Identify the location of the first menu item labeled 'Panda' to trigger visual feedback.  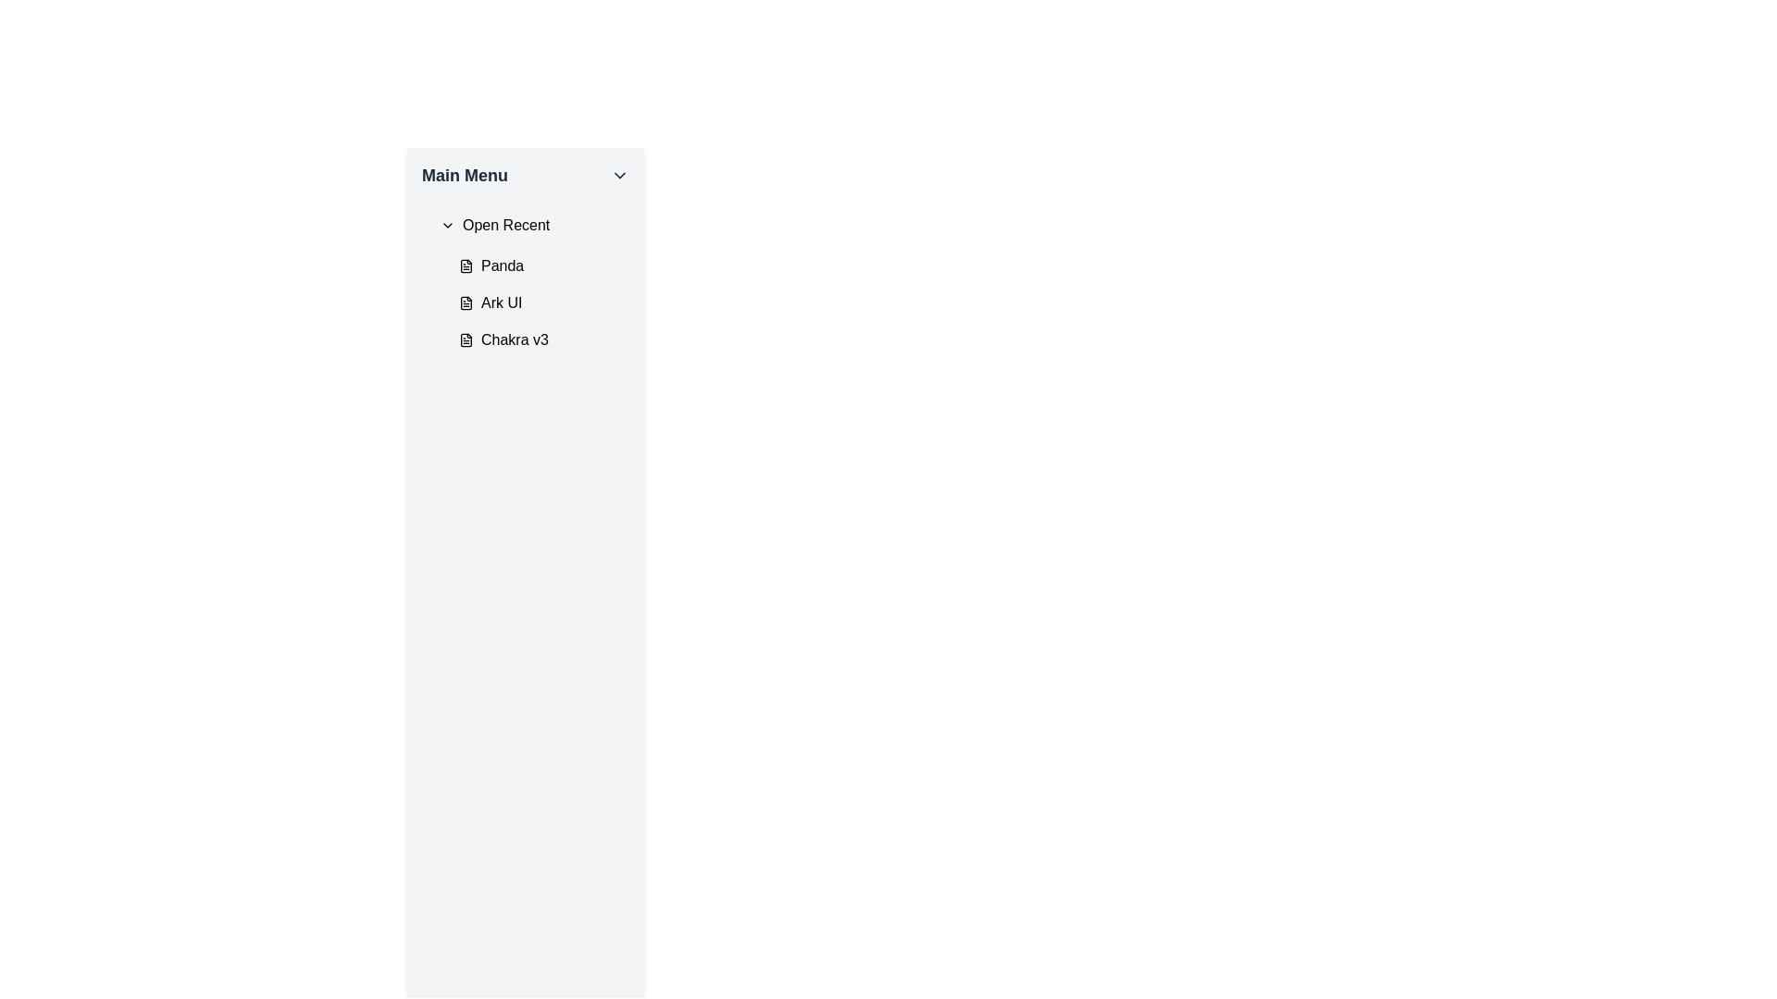
(546, 266).